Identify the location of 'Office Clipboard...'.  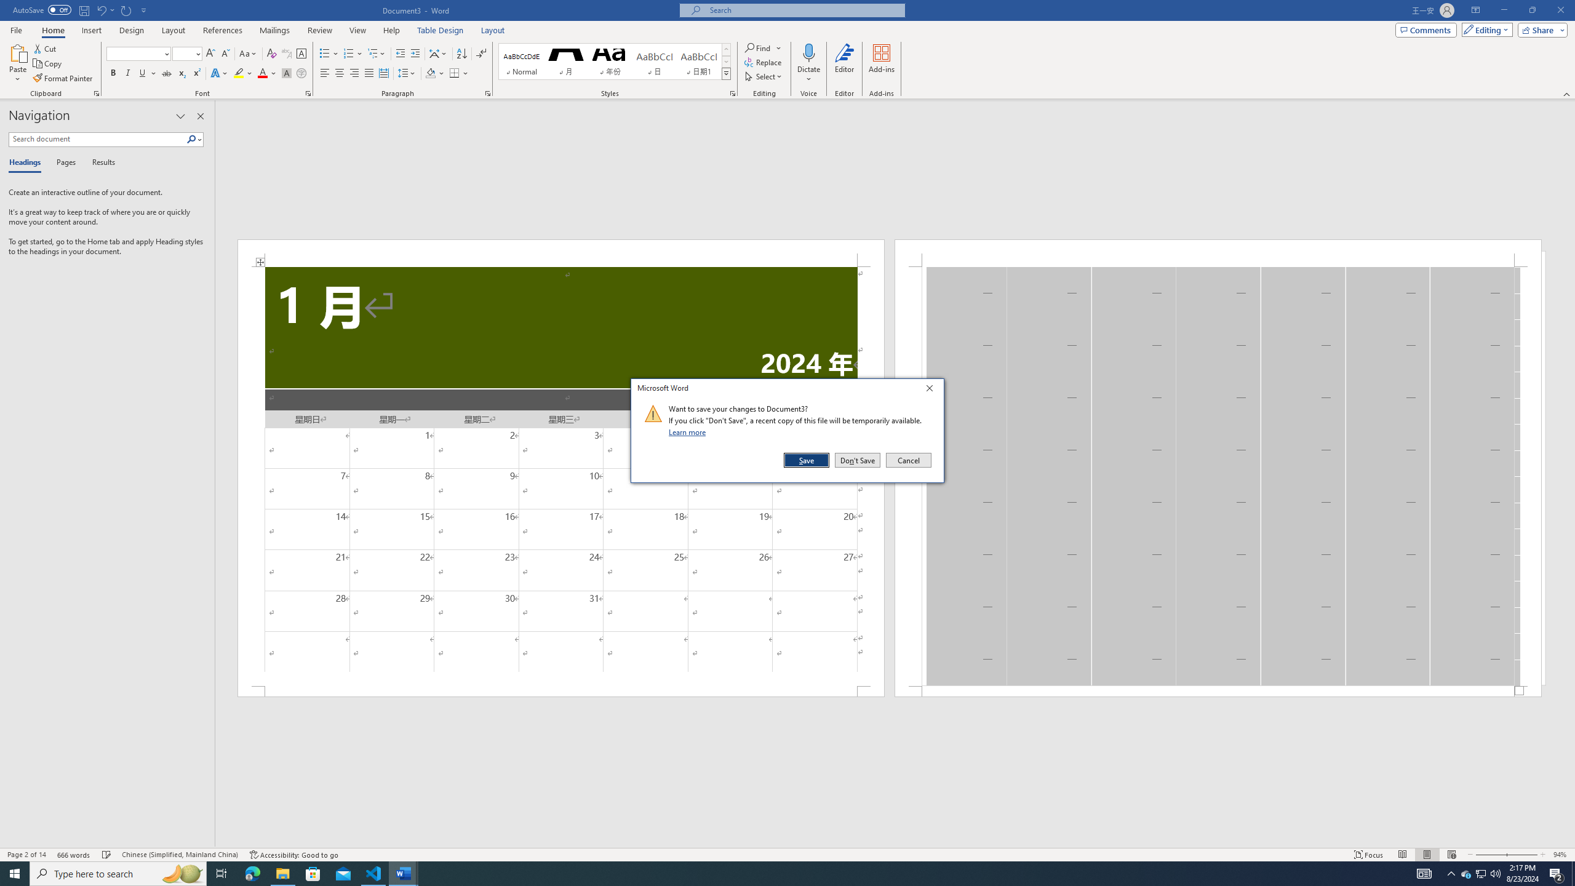
(95, 92).